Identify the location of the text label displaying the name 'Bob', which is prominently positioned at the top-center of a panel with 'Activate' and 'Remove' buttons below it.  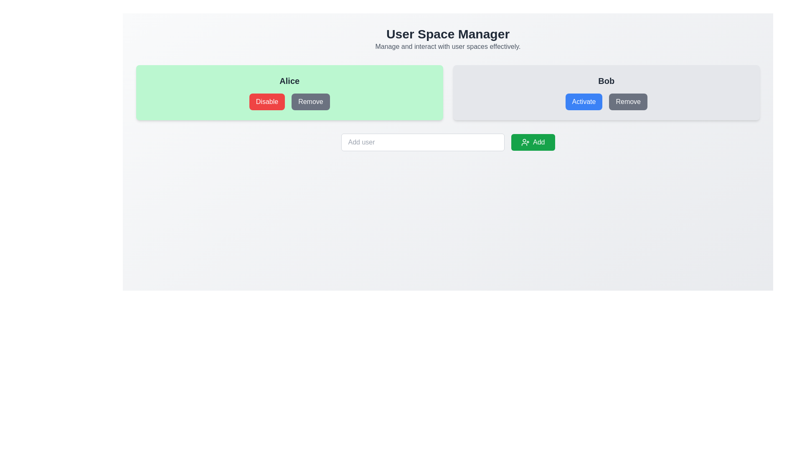
(606, 81).